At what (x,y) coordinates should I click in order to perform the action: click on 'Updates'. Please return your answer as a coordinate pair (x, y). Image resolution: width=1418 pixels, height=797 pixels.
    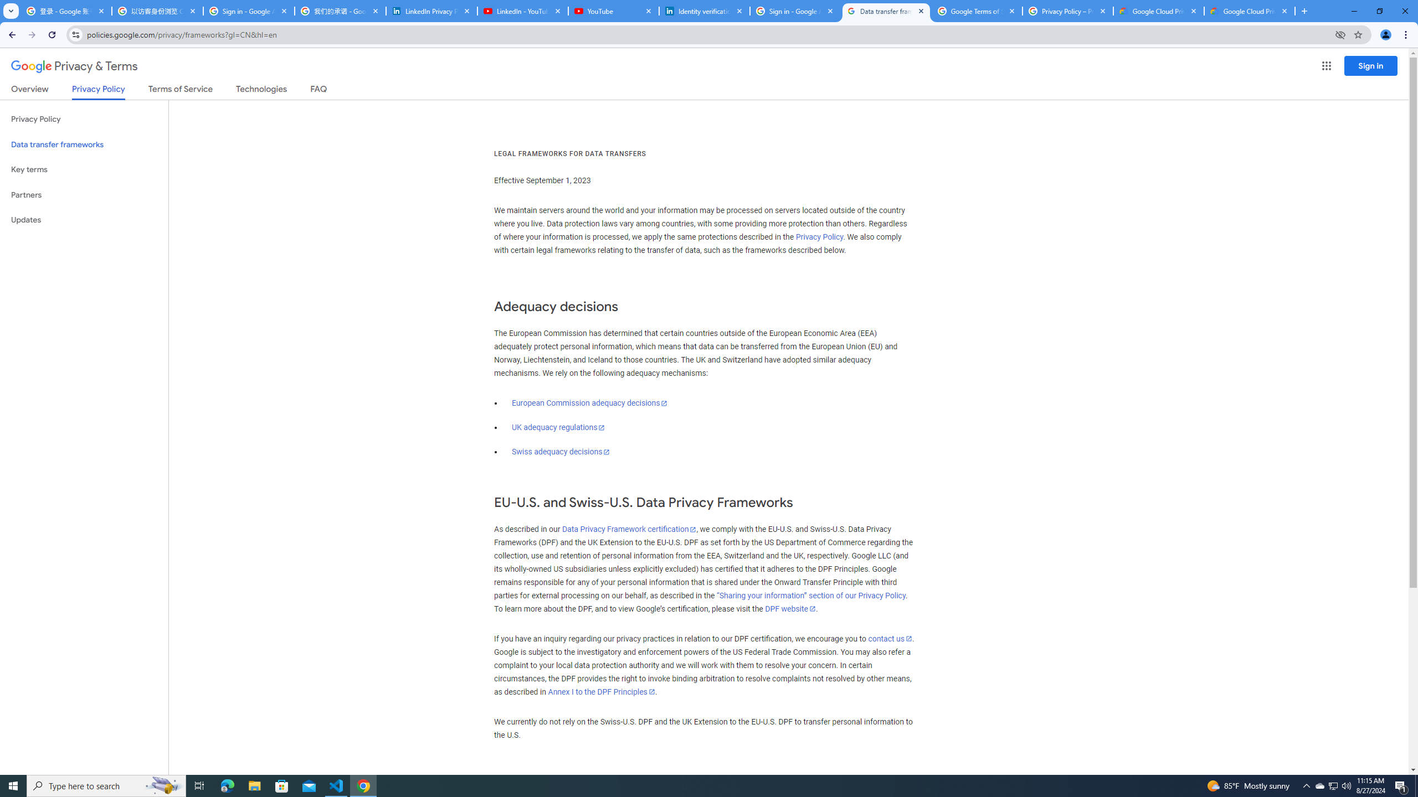
    Looking at the image, I should click on (84, 220).